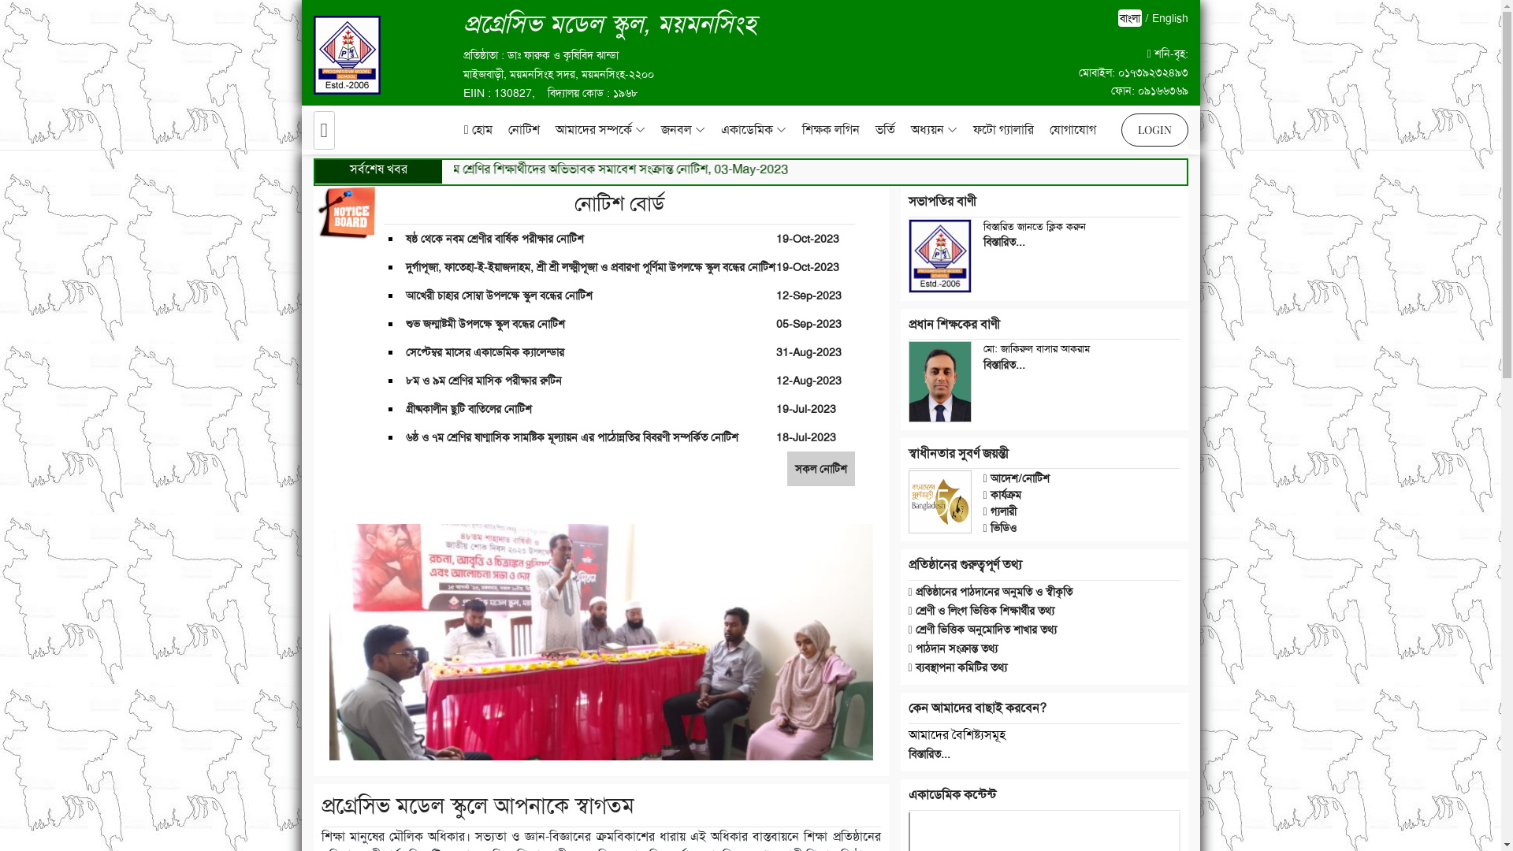 Image resolution: width=1513 pixels, height=851 pixels. What do you see at coordinates (809, 295) in the screenshot?
I see `'12-Sep-2023'` at bounding box center [809, 295].